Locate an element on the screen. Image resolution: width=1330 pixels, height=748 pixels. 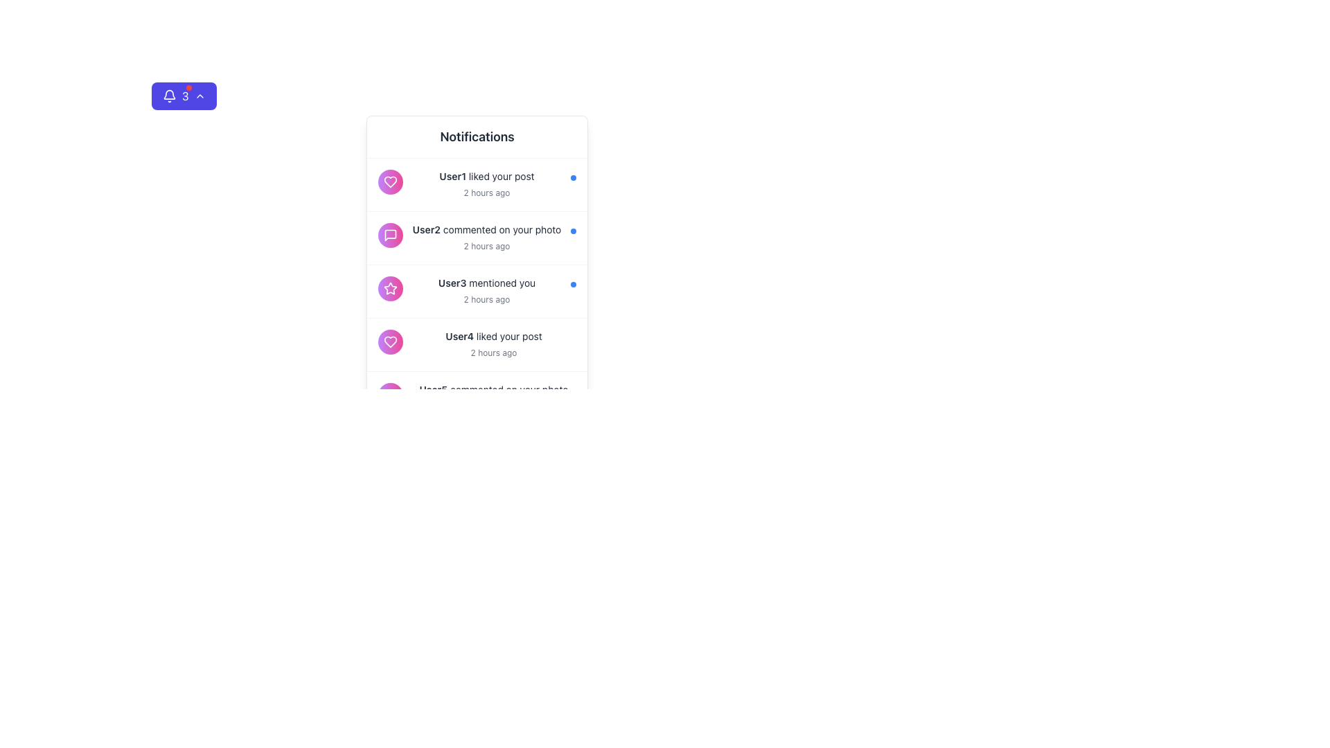
the circular icon with a gradient color filling from purple to pink that contains a white heart symbol, located in the first notification row to the left of 'User1 liked your post' is located at coordinates (390, 181).